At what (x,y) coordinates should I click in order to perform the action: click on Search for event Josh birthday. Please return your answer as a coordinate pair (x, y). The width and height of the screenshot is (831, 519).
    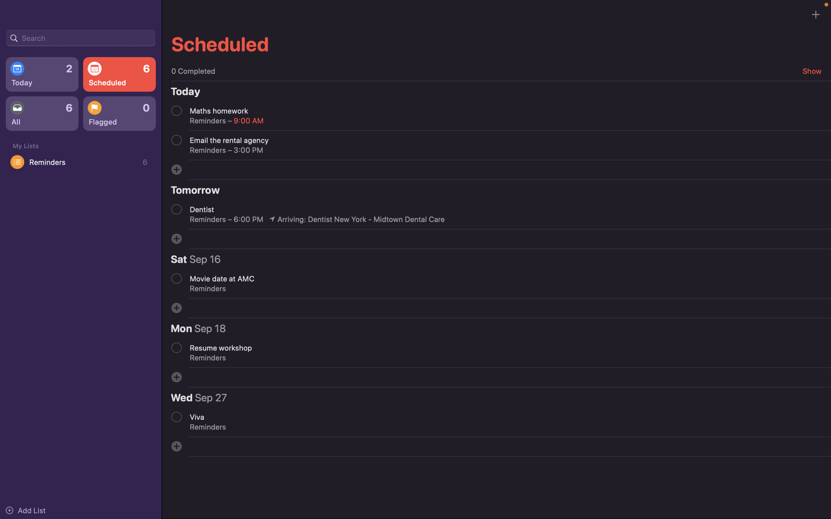
    Looking at the image, I should click on (80, 37).